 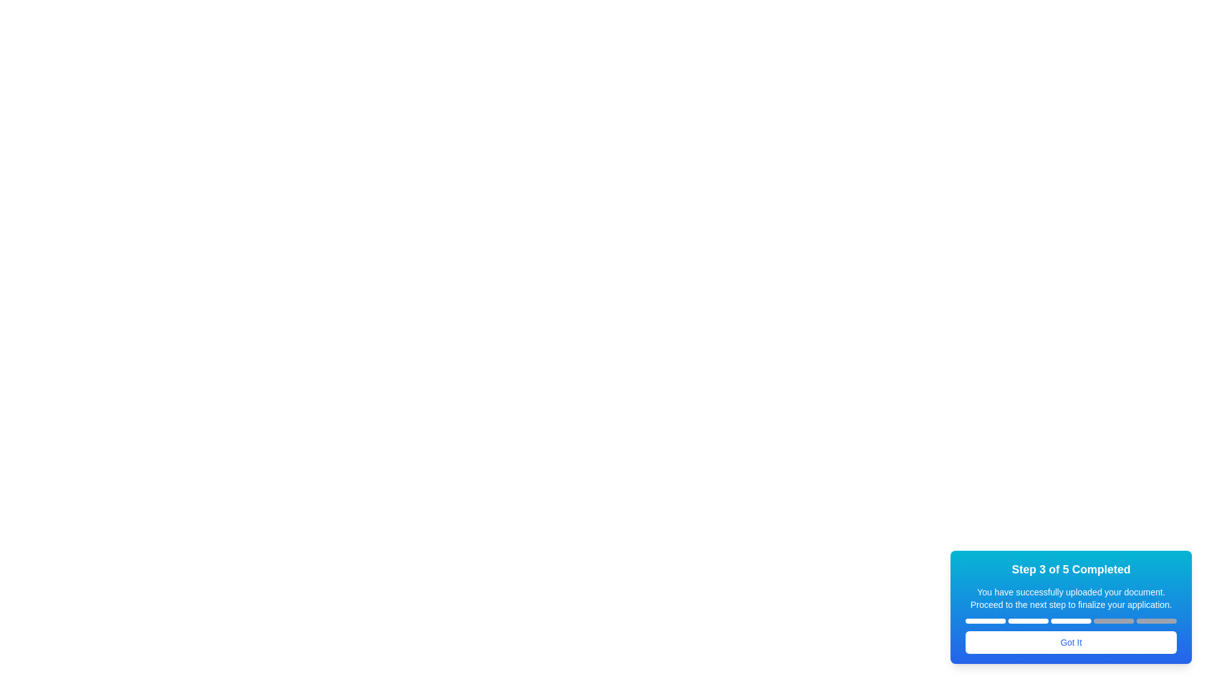 What do you see at coordinates (1071, 620) in the screenshot?
I see `the Progress Indicator, which consists of five horizontally aligned segments indicating progress, located in the bottom-right floating notification box below the message 'You have successfully uploaded your document.'` at bounding box center [1071, 620].